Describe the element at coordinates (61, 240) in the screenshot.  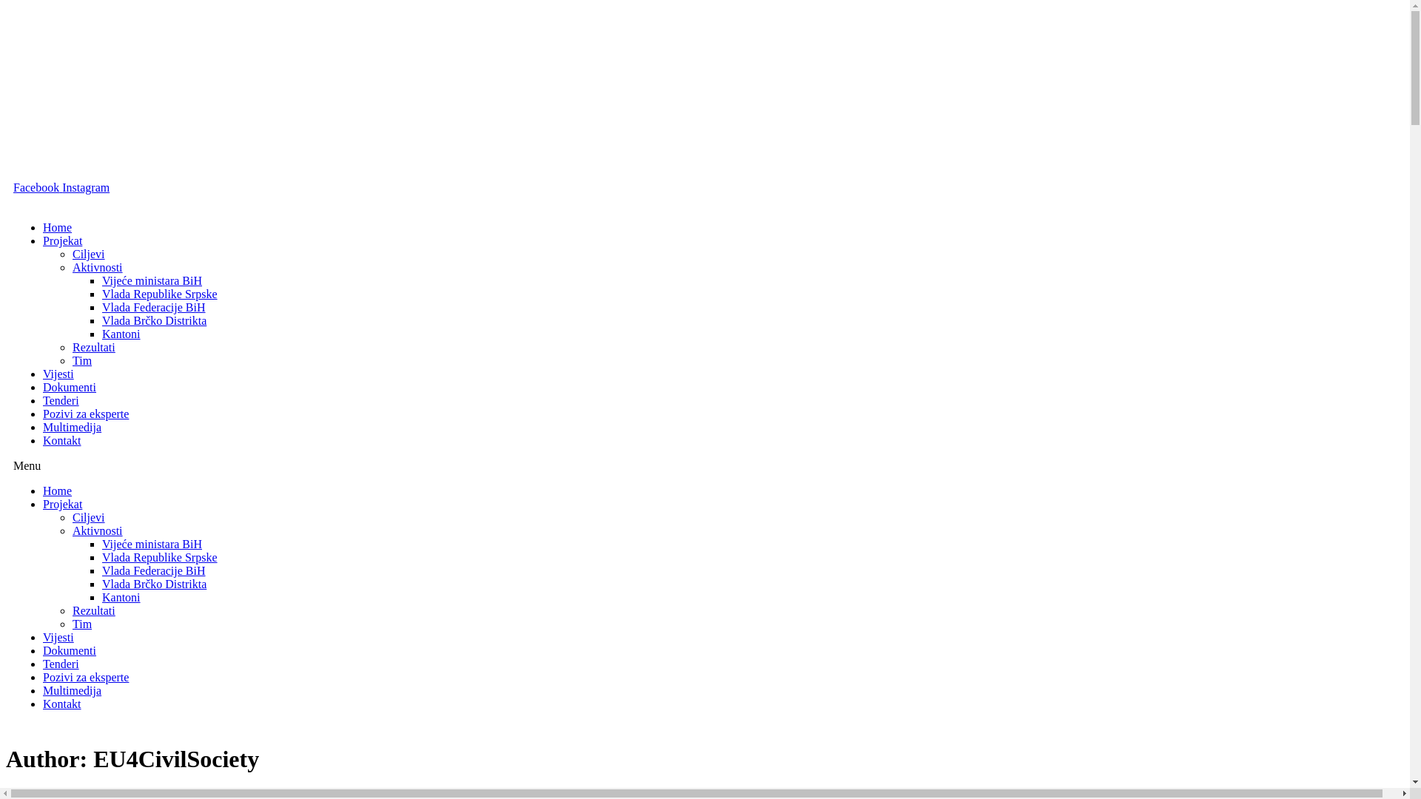
I see `'Projekat'` at that location.